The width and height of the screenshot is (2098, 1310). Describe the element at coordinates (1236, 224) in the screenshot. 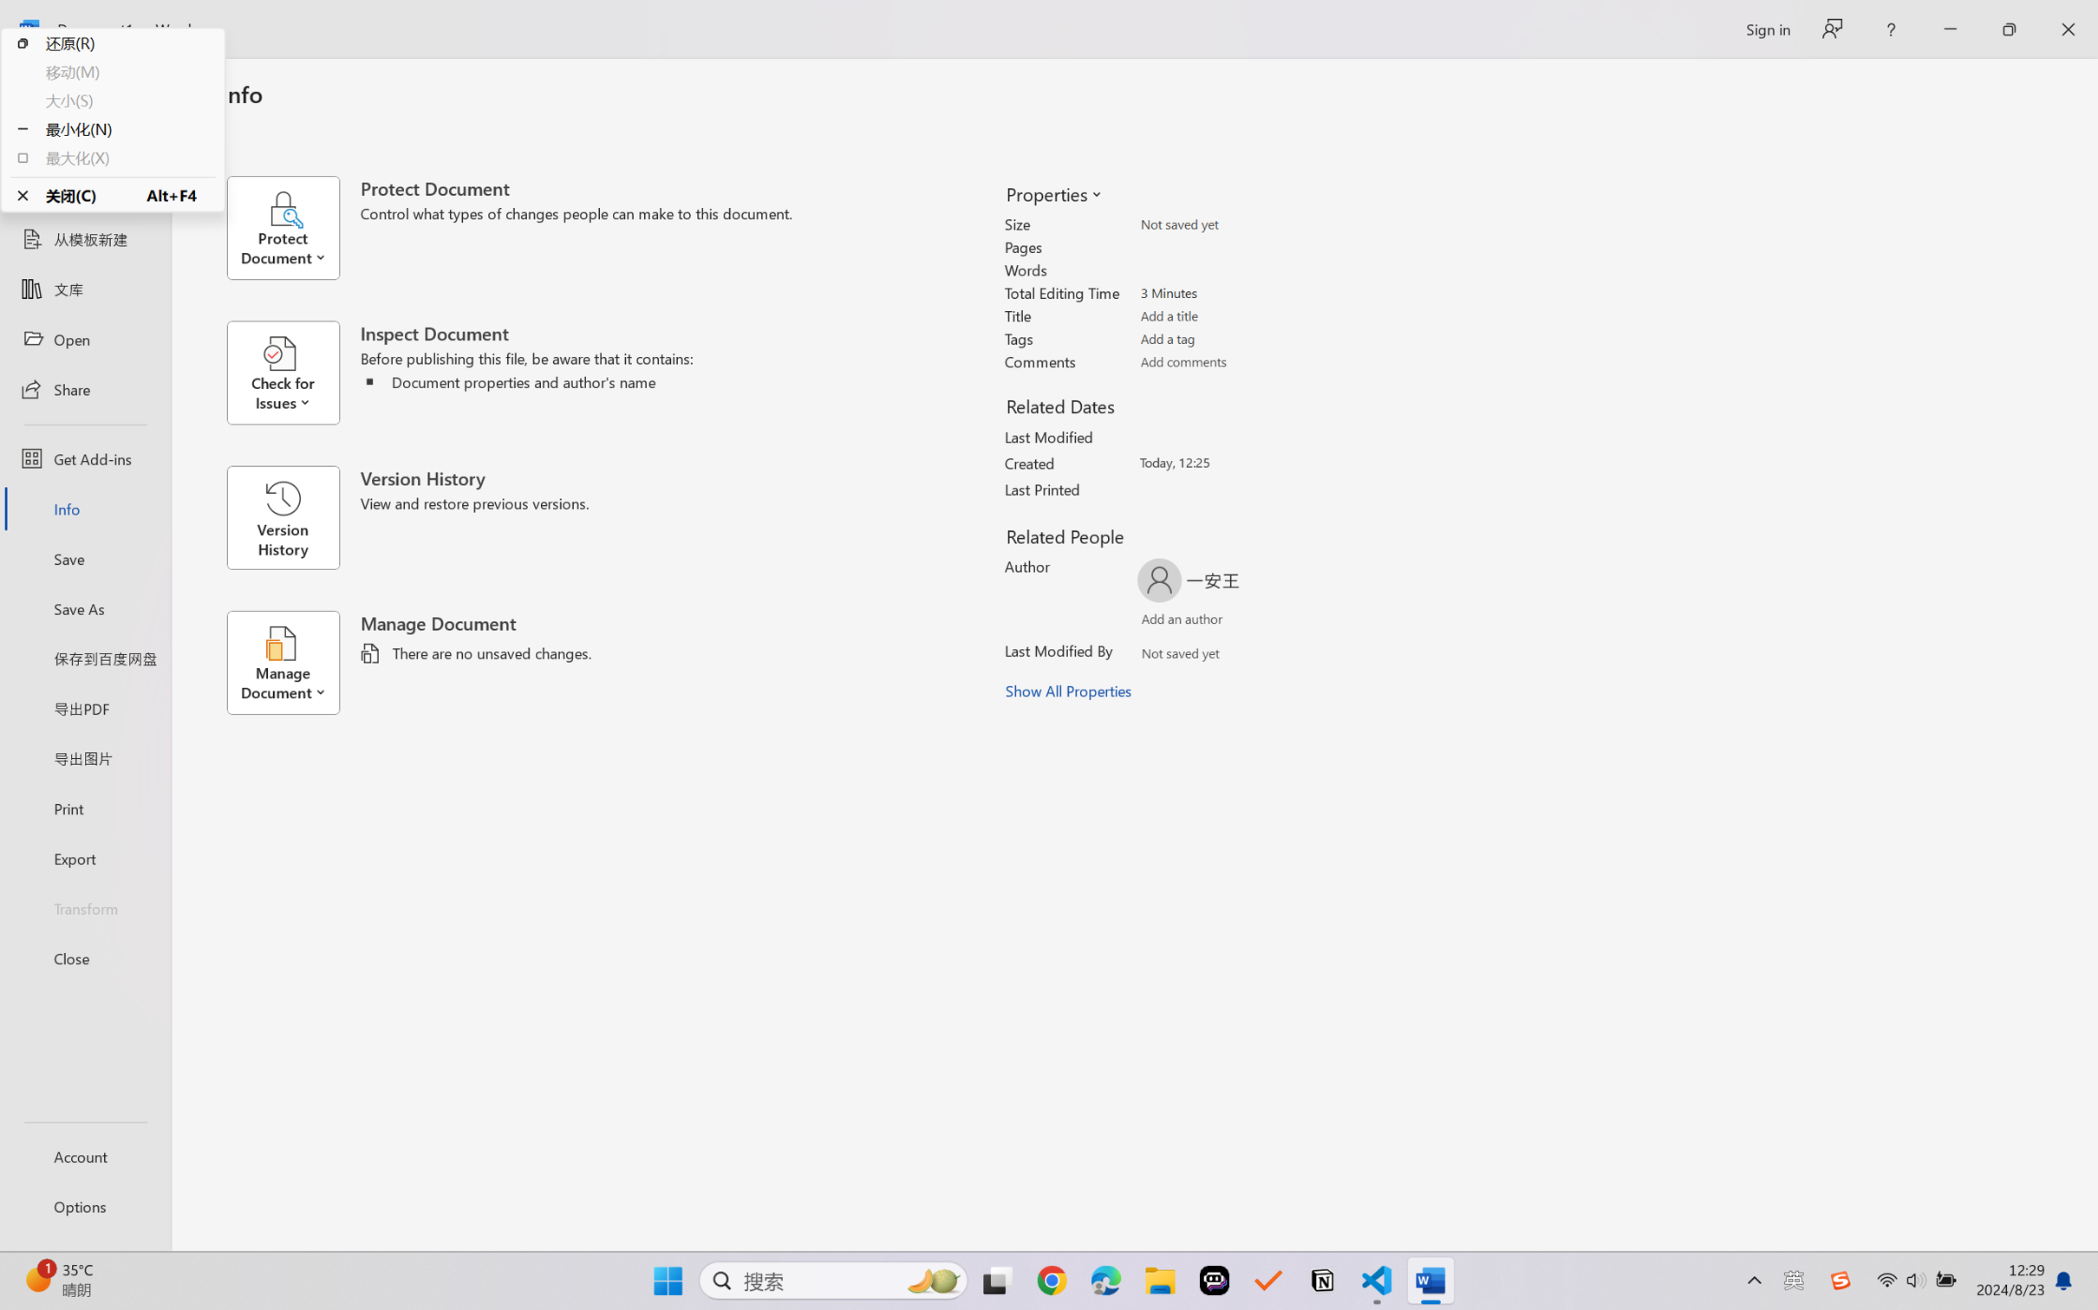

I see `'Size'` at that location.